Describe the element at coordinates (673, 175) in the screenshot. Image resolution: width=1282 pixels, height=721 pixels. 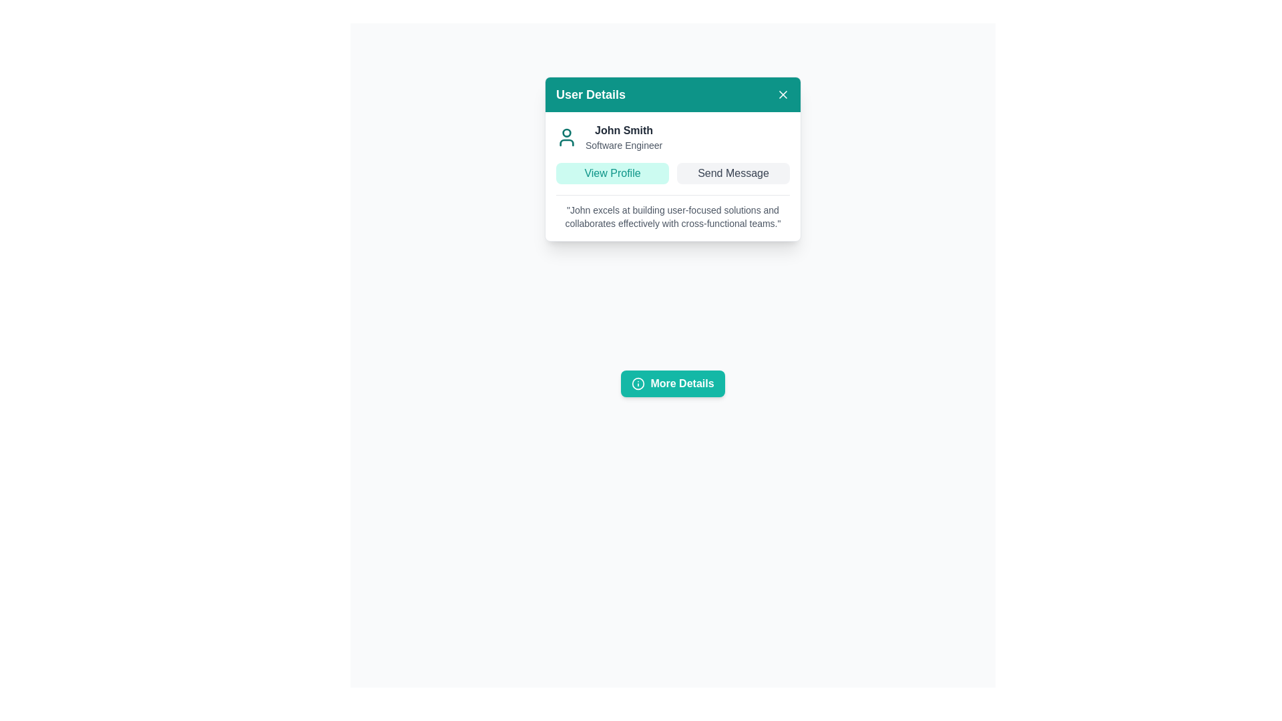
I see `the 'Send Message' button in the User profile summary section of John Smith's modal` at that location.